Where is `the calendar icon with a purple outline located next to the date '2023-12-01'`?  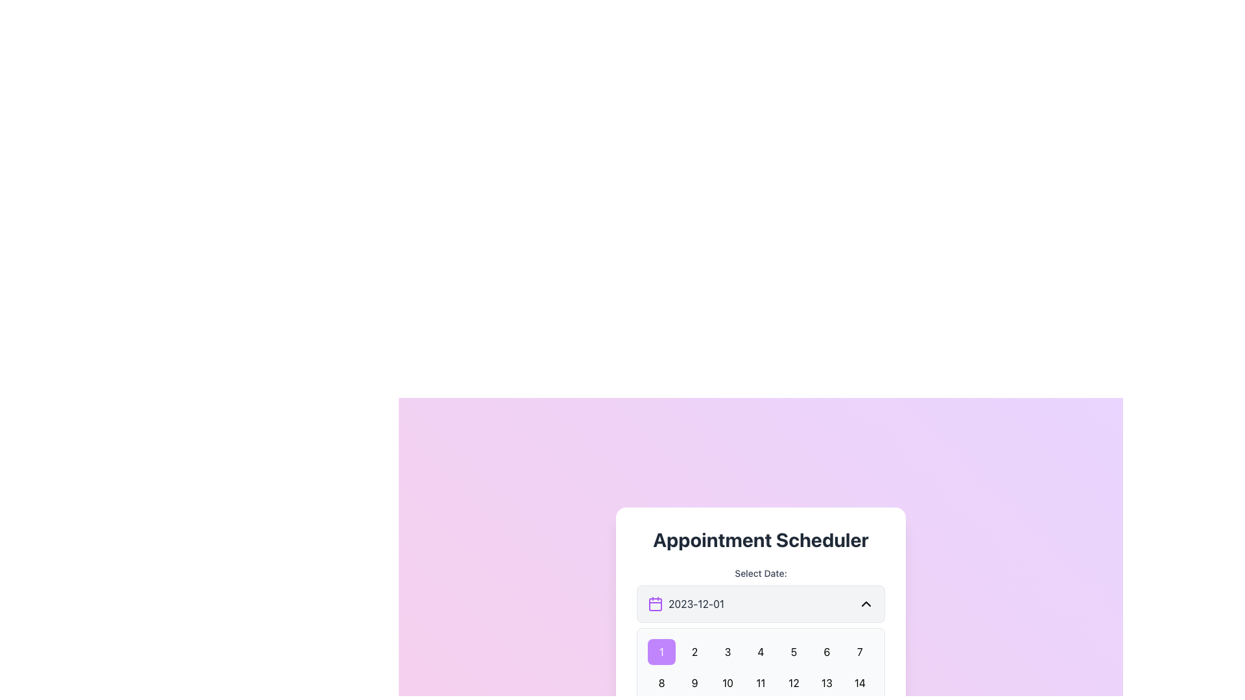
the calendar icon with a purple outline located next to the date '2023-12-01' is located at coordinates (656, 604).